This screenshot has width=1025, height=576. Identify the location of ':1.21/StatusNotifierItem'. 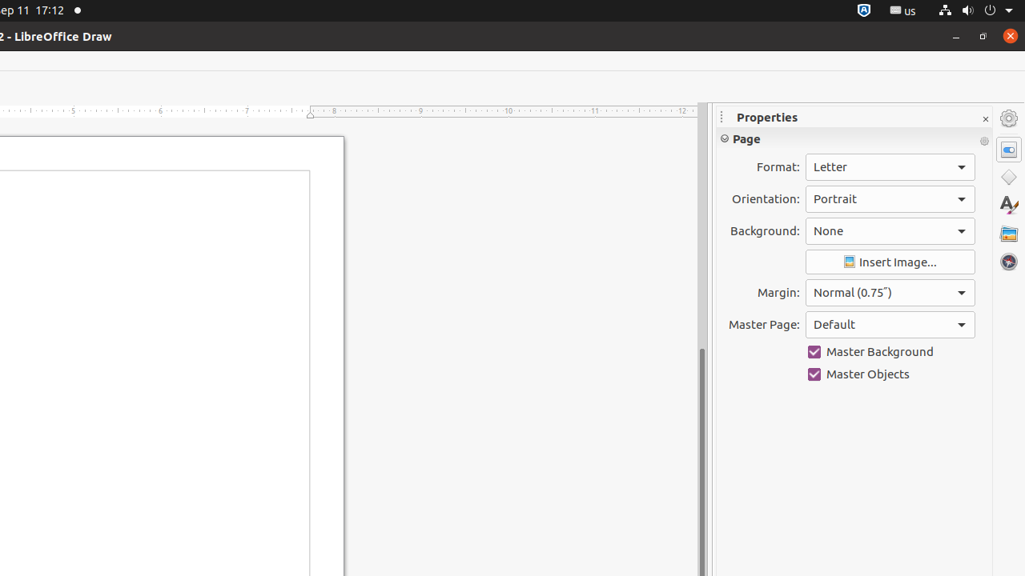
(902, 10).